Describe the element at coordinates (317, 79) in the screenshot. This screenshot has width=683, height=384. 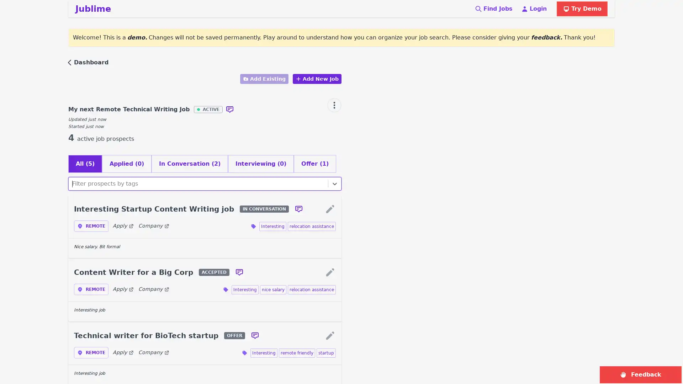
I see `Add New Job` at that location.